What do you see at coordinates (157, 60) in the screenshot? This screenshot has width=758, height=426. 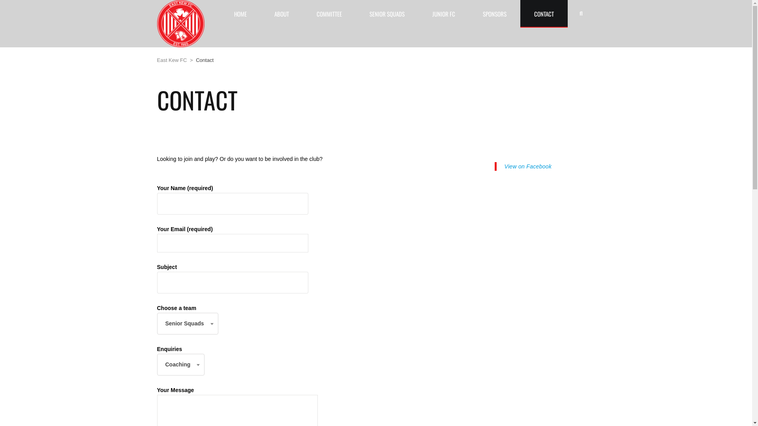 I see `'East Kew FC'` at bounding box center [157, 60].